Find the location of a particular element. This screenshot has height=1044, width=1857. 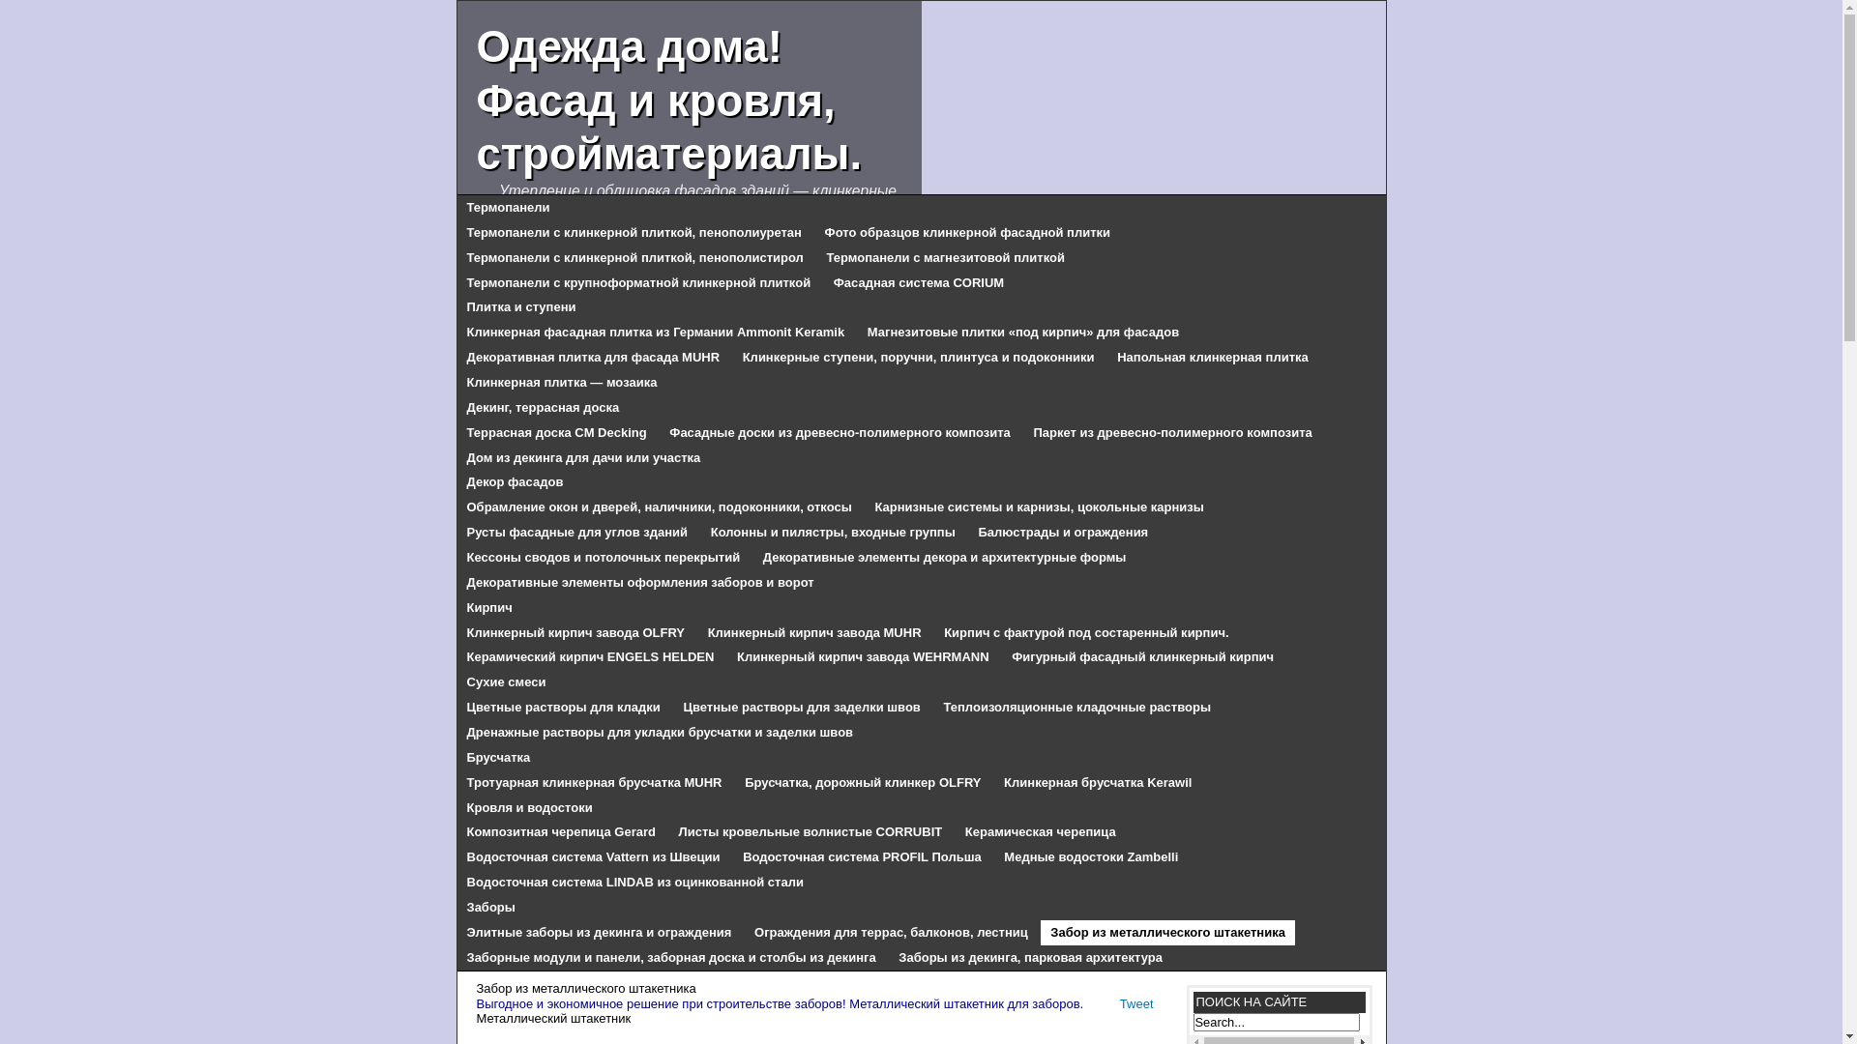

'Tweet' is located at coordinates (1119, 1001).